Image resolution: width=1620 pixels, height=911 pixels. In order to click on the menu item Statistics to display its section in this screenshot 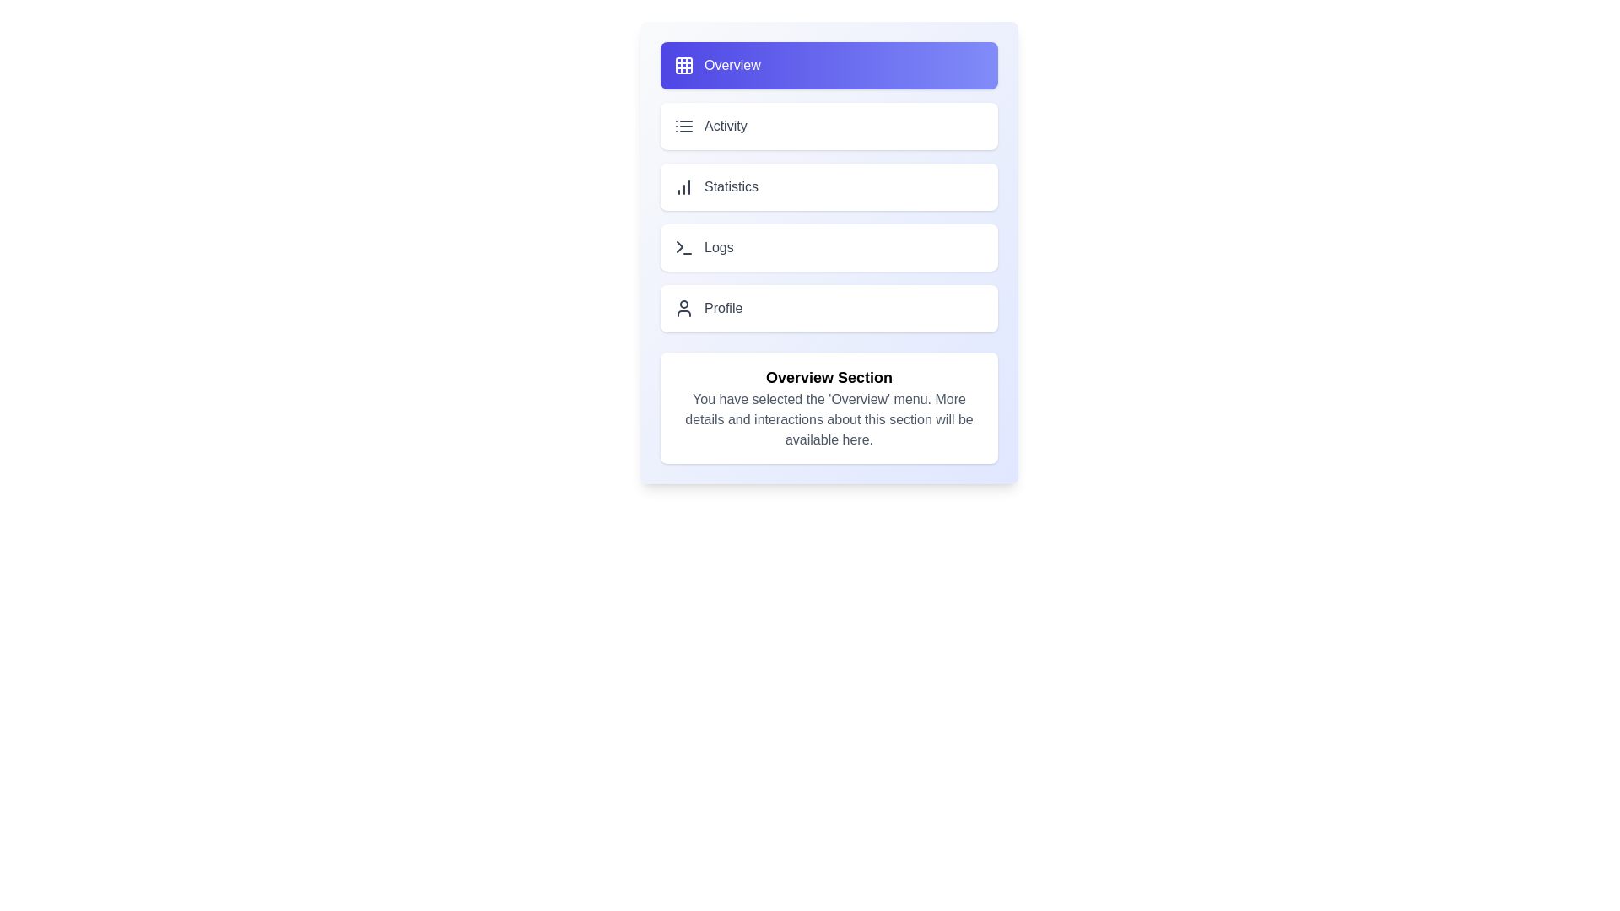, I will do `click(829, 187)`.